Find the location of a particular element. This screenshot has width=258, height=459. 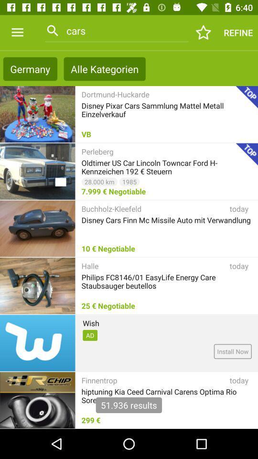

the wish item is located at coordinates (91, 323).